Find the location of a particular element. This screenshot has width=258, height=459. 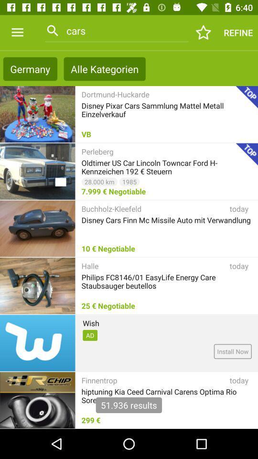

the wish item is located at coordinates (91, 323).